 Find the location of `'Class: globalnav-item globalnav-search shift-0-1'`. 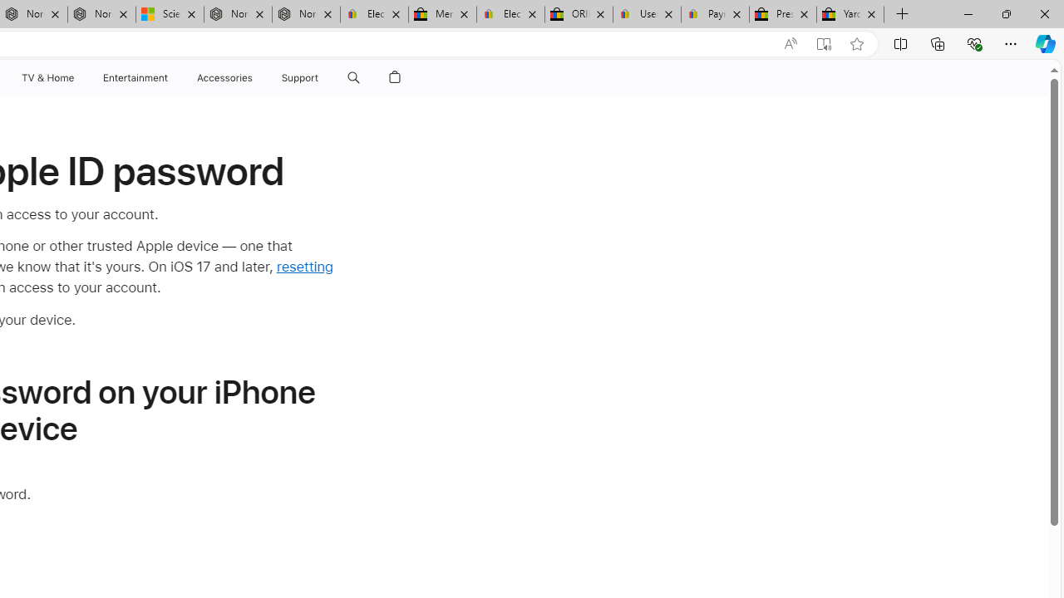

'Class: globalnav-item globalnav-search shift-0-1' is located at coordinates (352, 77).